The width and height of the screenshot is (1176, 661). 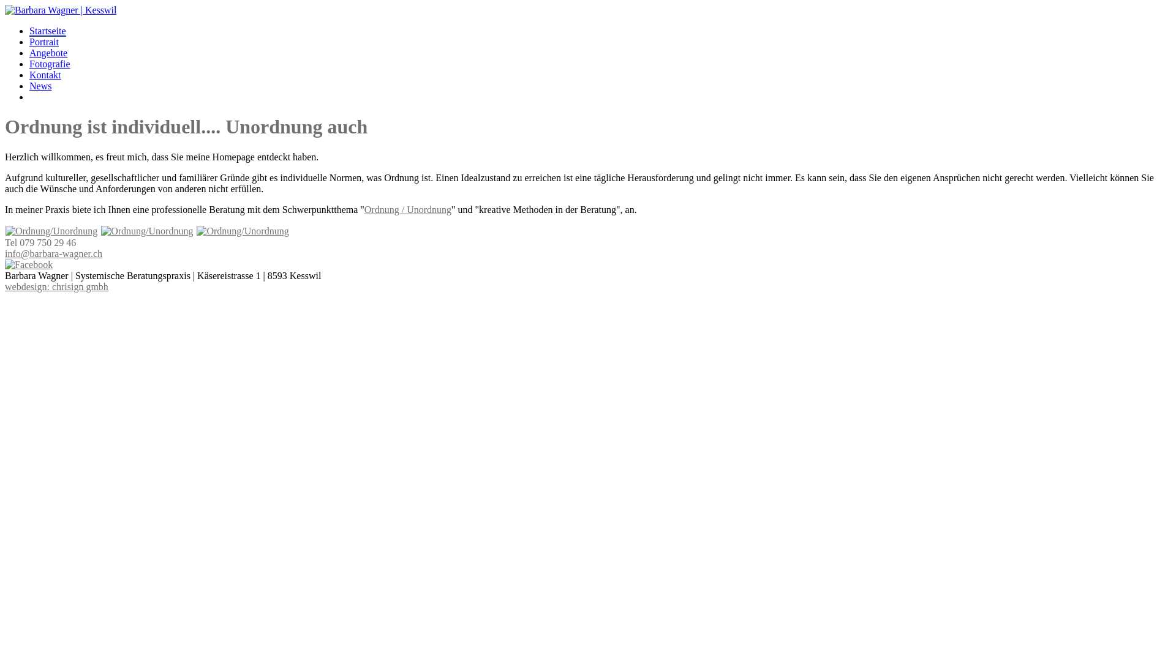 I want to click on 'Startseite', so click(x=47, y=30).